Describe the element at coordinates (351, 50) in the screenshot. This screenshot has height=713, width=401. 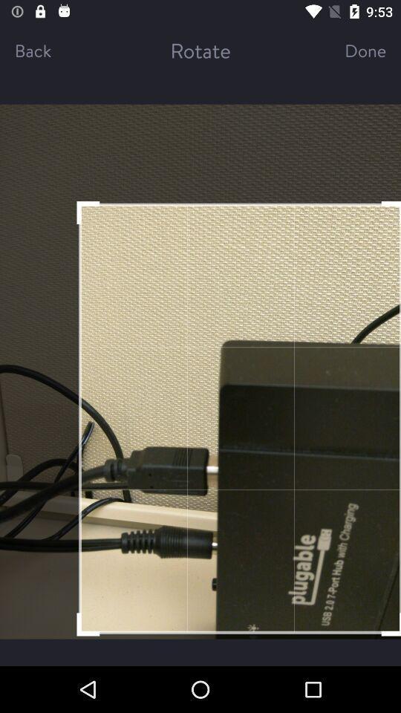
I see `the done item` at that location.